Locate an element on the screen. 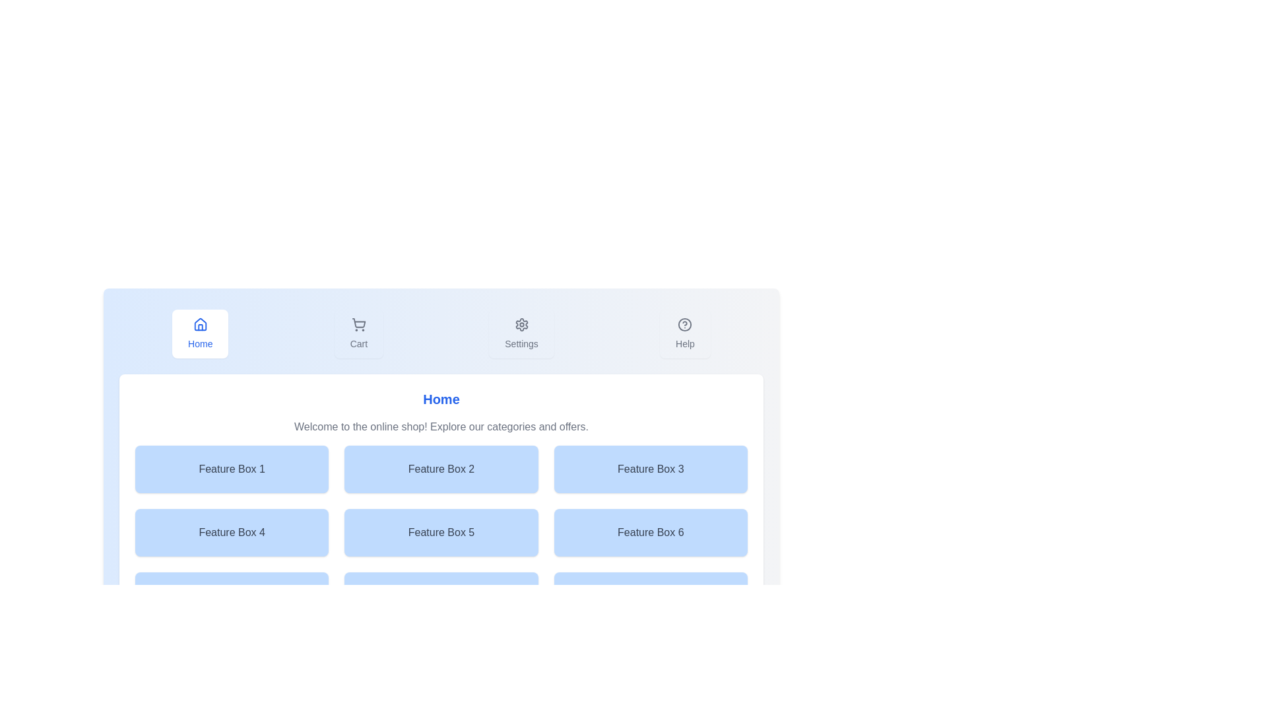  the Settings tab button to observe the hover effect is located at coordinates (521, 333).